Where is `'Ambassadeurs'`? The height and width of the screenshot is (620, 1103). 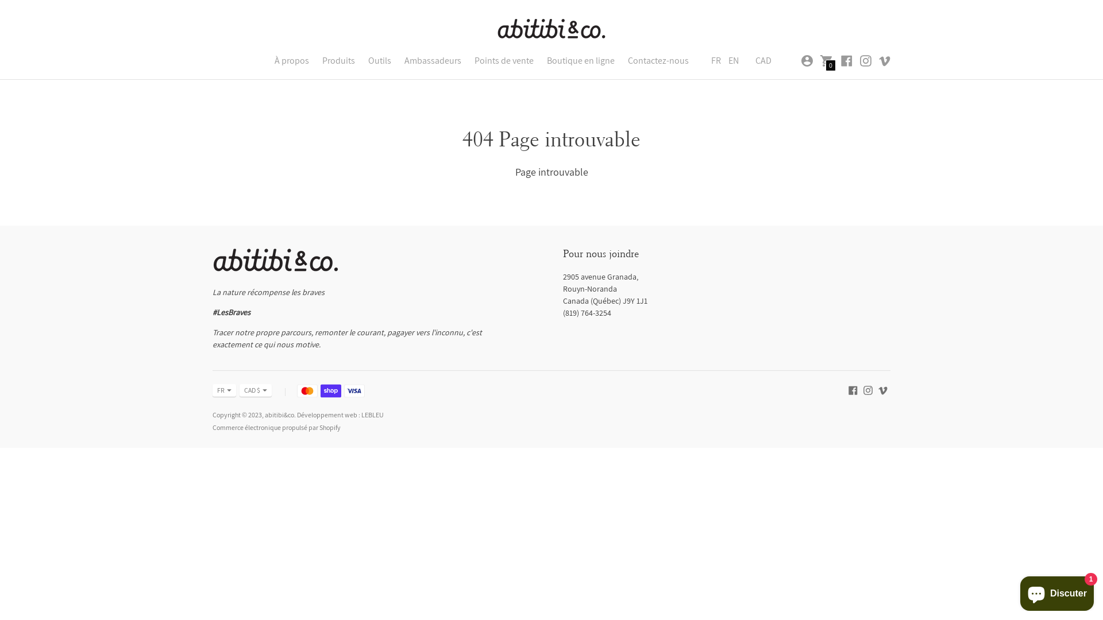 'Ambassadeurs' is located at coordinates (432, 60).